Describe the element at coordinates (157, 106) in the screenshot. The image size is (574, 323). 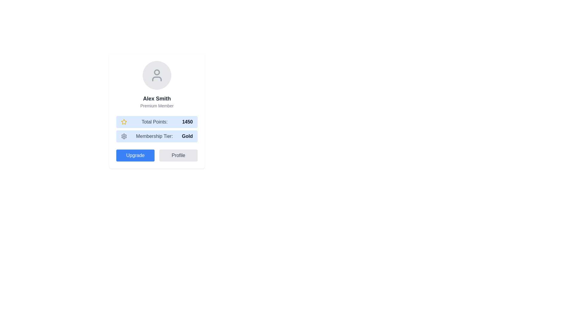
I see `the 'Premium Member' text label located beneath 'Alex Smith' in the profile card layout` at that location.